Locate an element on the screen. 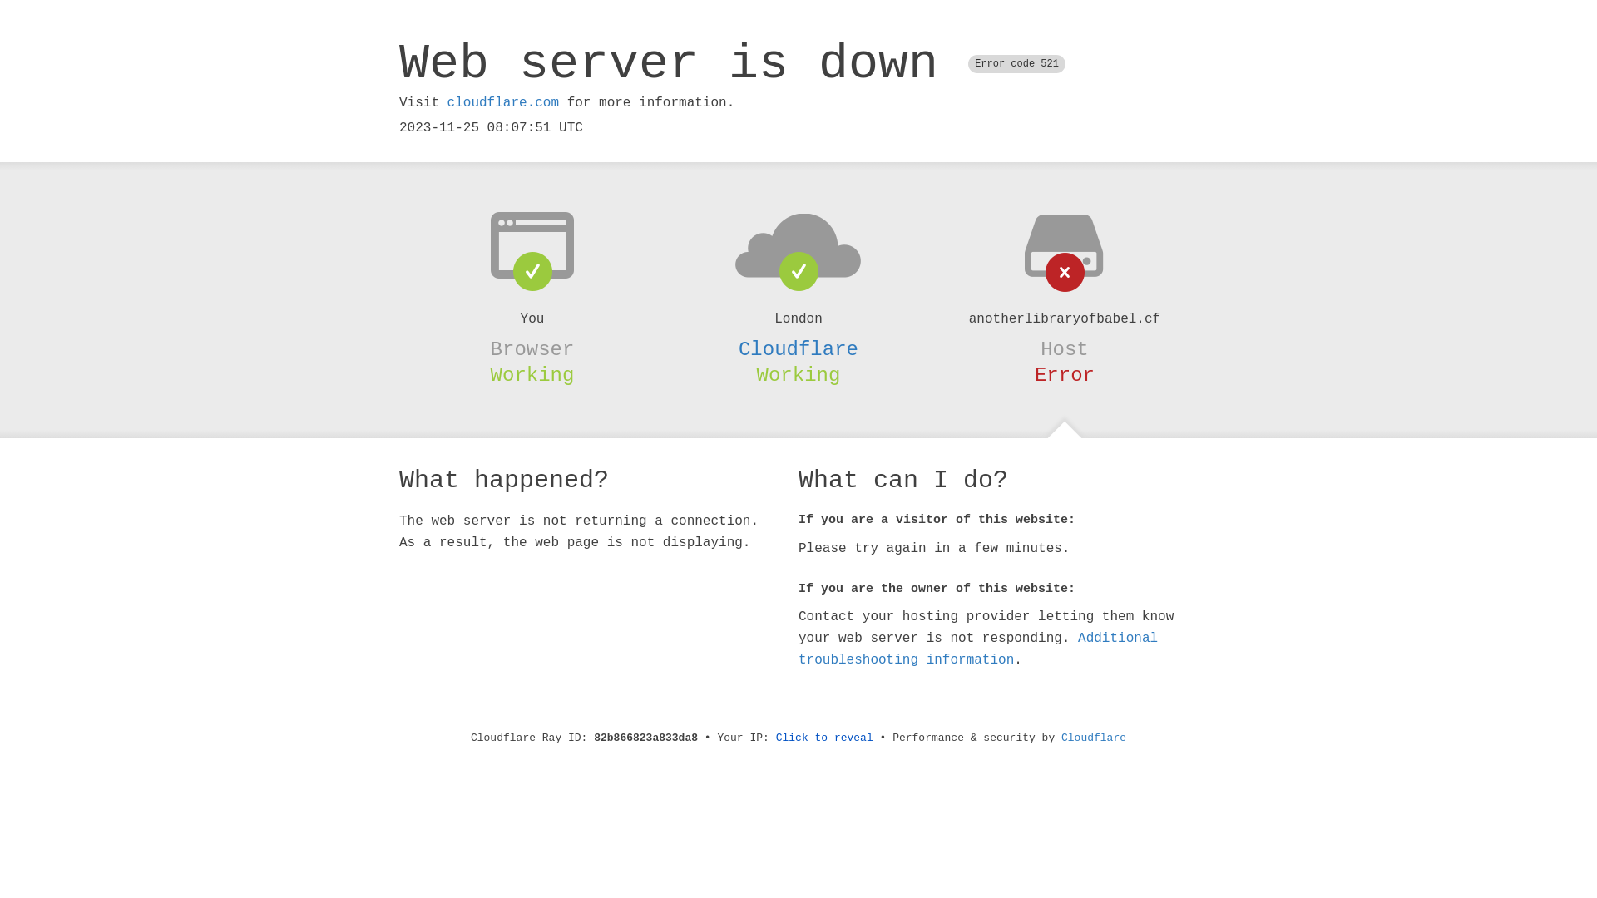 This screenshot has height=898, width=1597. 'Click to reveal' is located at coordinates (824, 737).